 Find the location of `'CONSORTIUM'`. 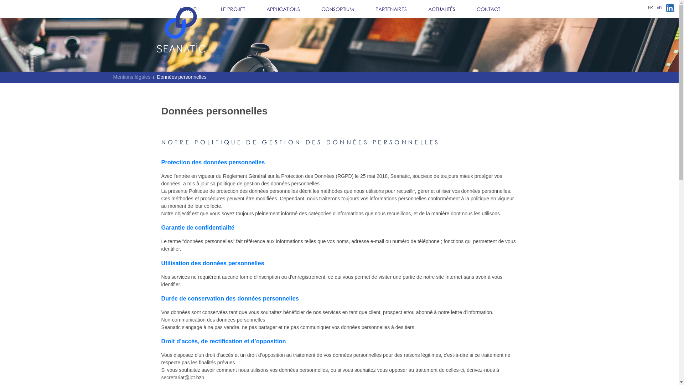

'CONSORTIUM' is located at coordinates (321, 9).